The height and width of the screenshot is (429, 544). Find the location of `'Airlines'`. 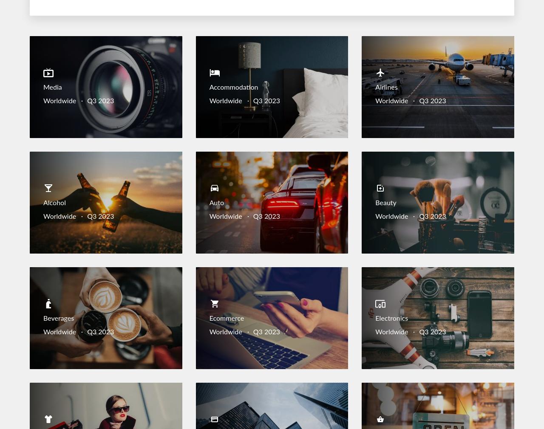

'Airlines' is located at coordinates (386, 87).